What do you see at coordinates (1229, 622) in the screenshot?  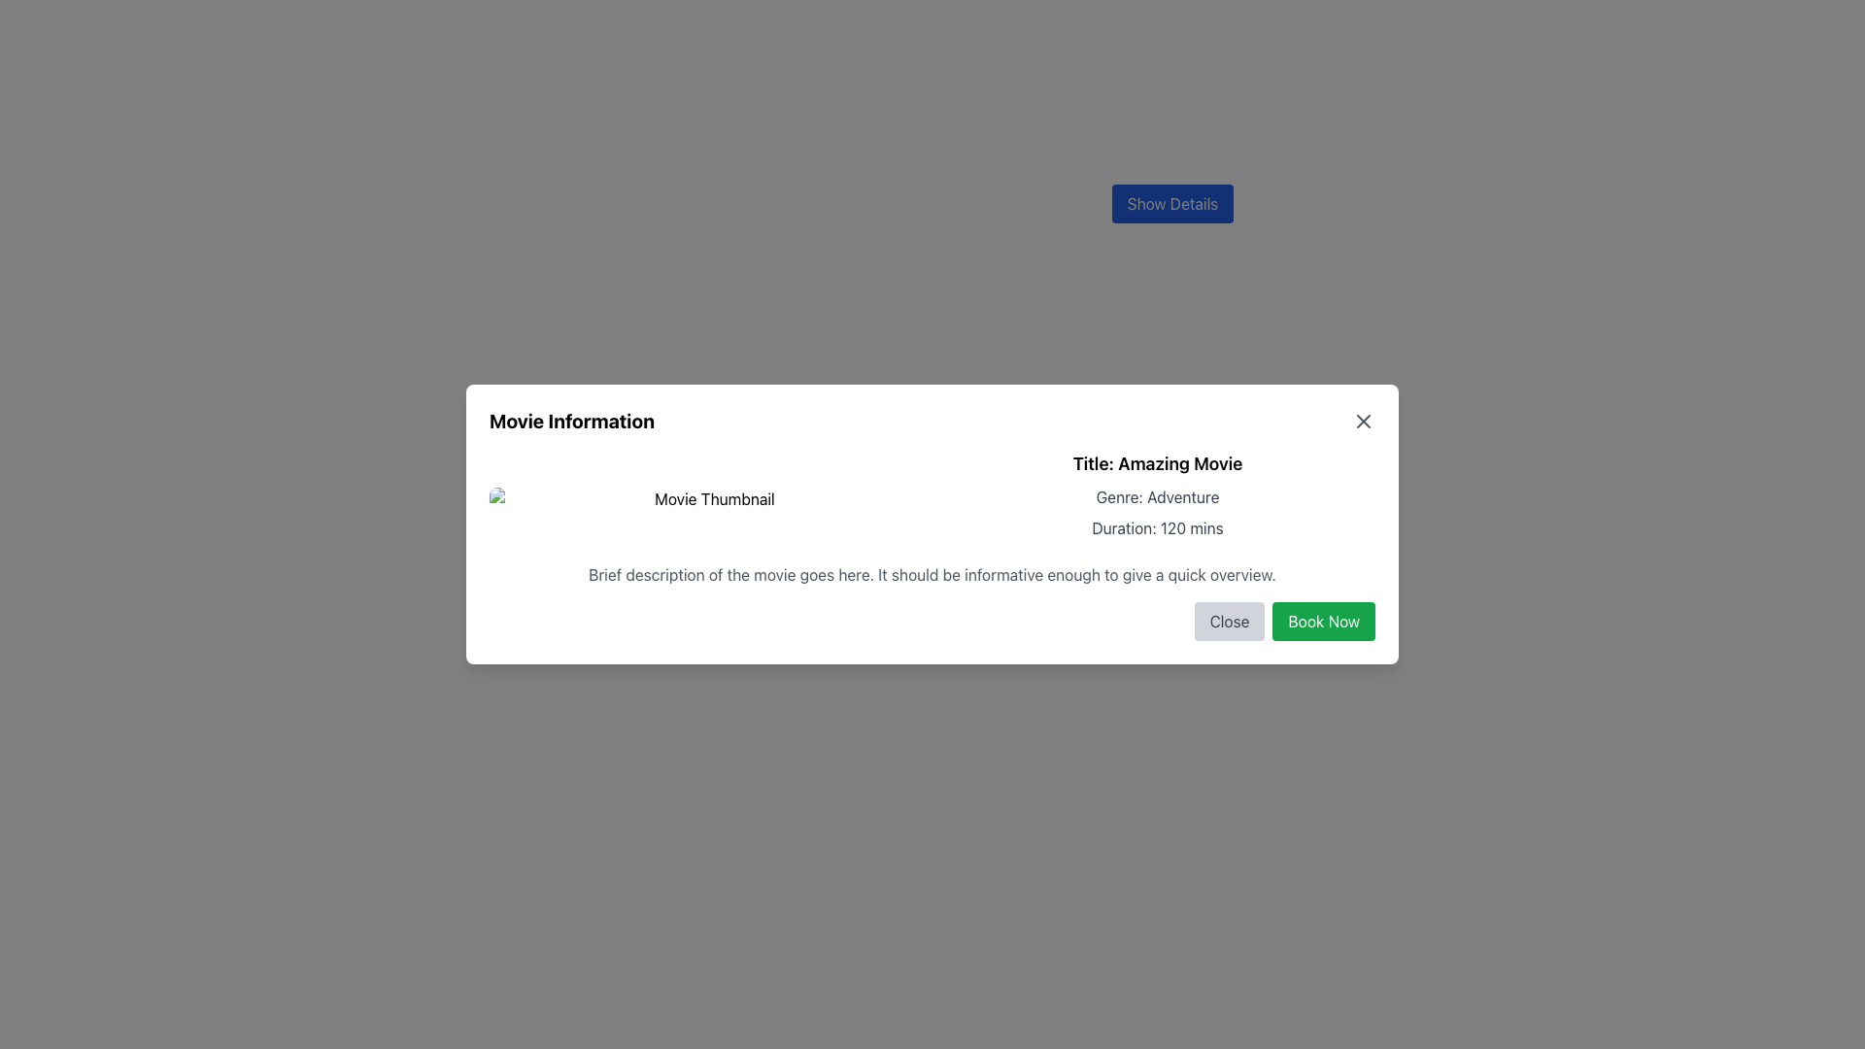 I see `the close button located at the bottom-right of the modal dialog, to the left of the 'Book Now' button` at bounding box center [1229, 622].